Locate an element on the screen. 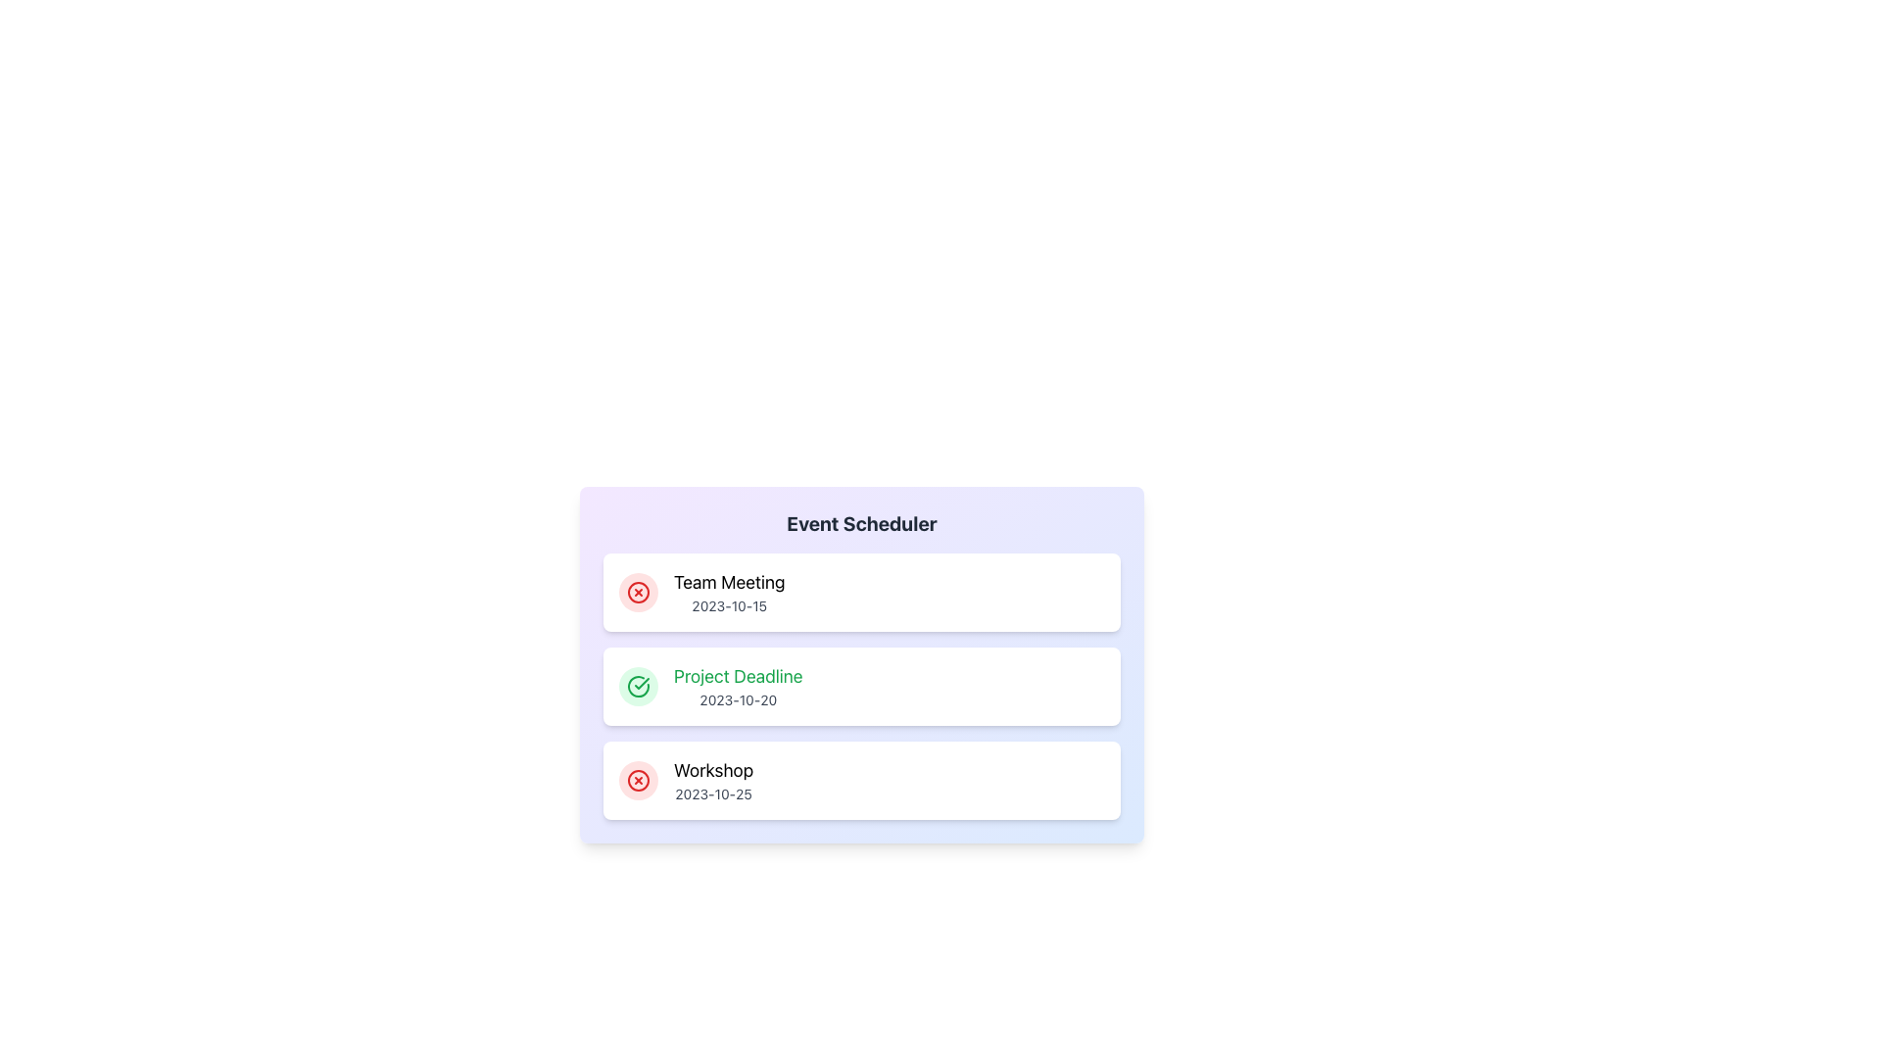 The height and width of the screenshot is (1058, 1881). the green checkmark icon of the 'Project Deadline' informational list item is located at coordinates (709, 686).